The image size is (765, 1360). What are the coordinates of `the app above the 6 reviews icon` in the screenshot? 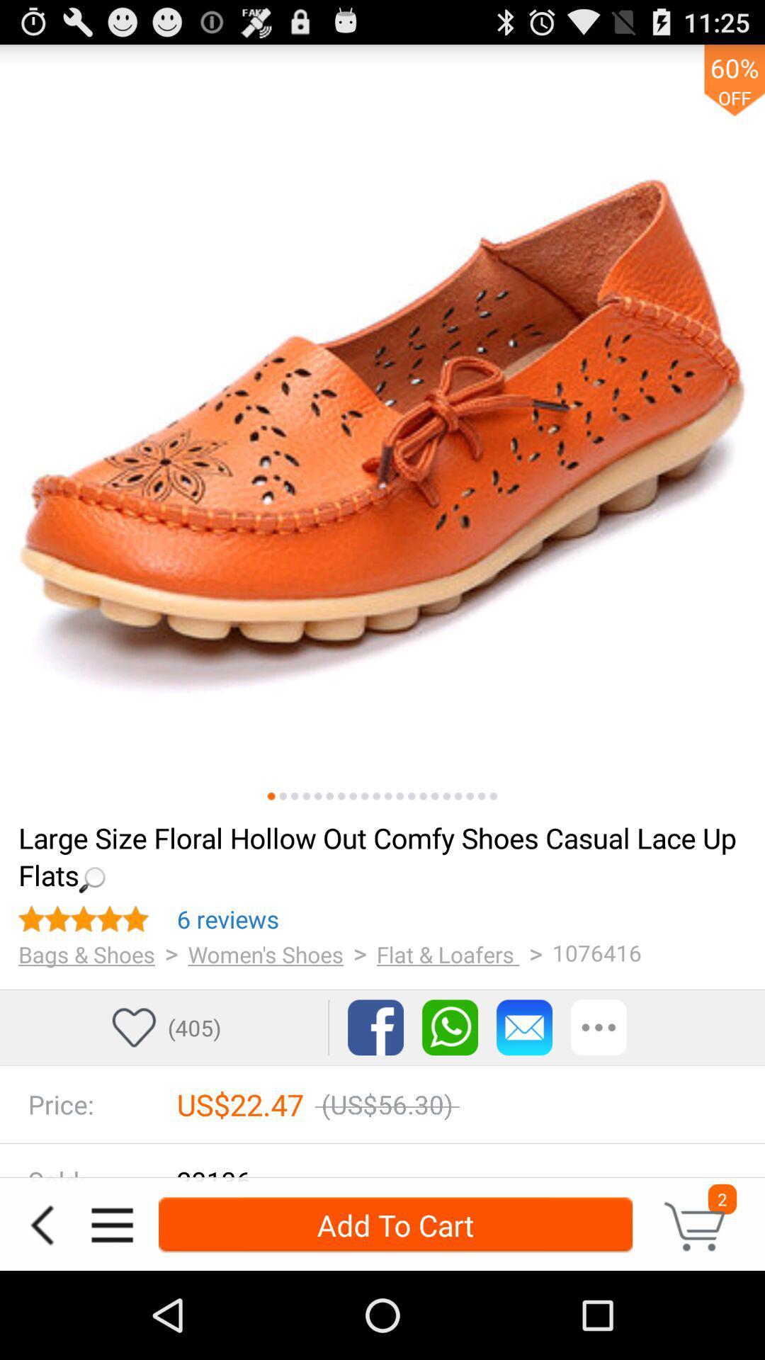 It's located at (380, 855).